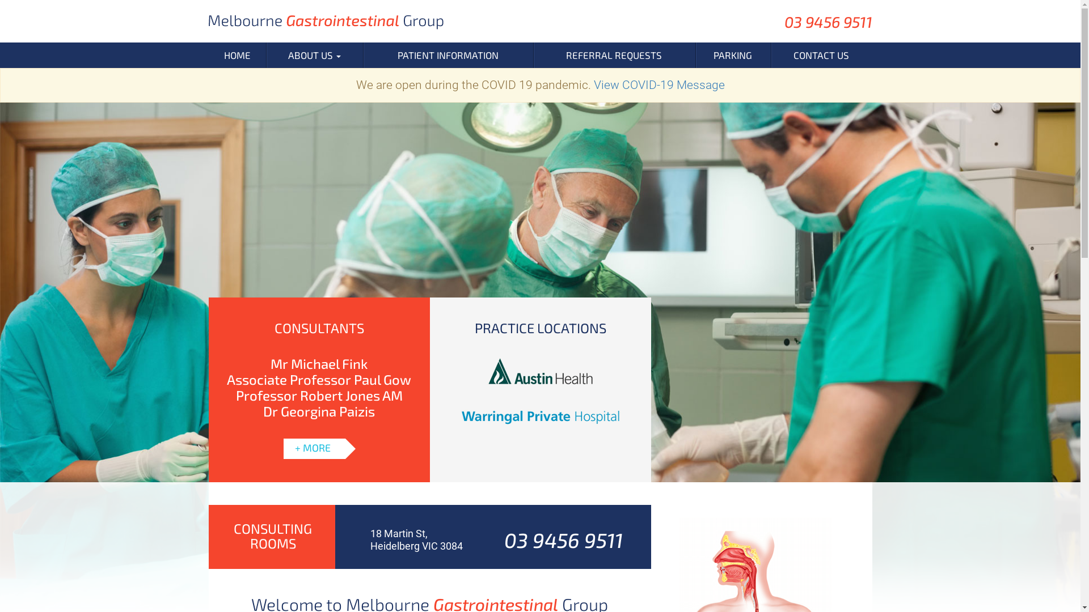 This screenshot has width=1089, height=612. What do you see at coordinates (733, 55) in the screenshot?
I see `'PARKING'` at bounding box center [733, 55].